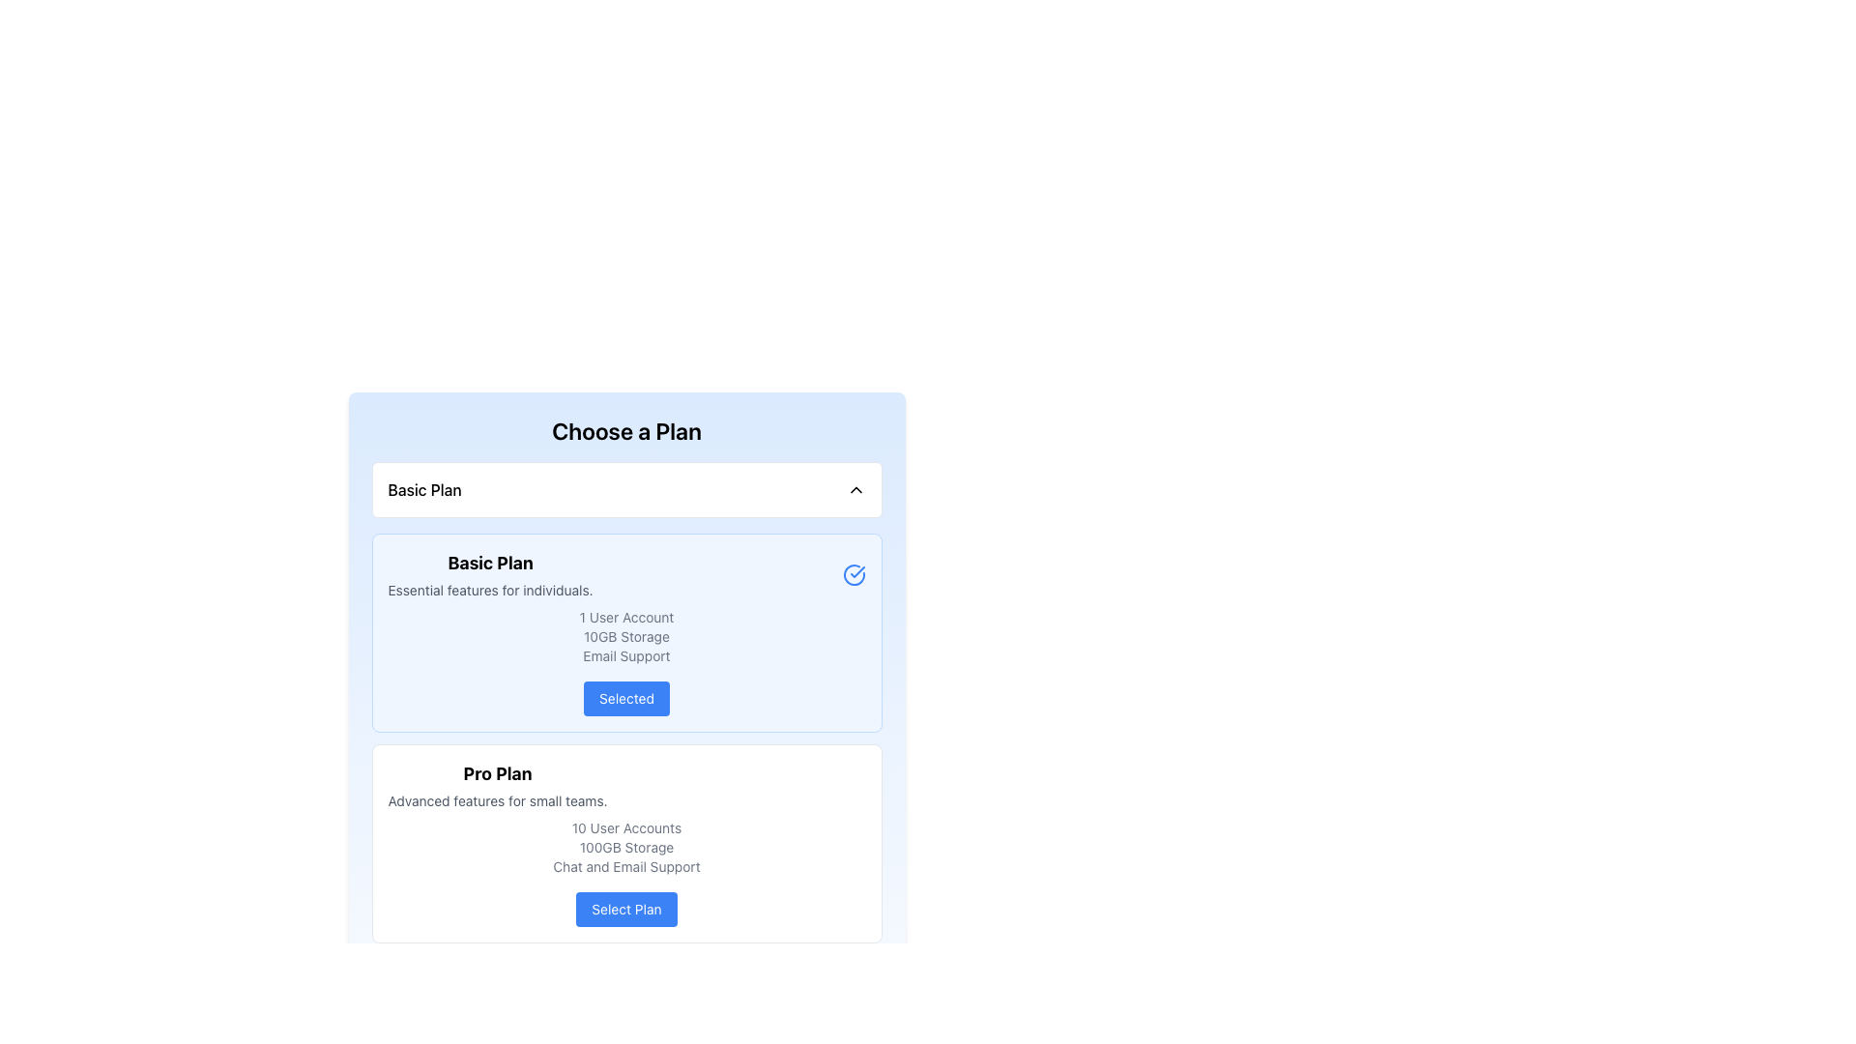 This screenshot has height=1044, width=1856. What do you see at coordinates (855, 488) in the screenshot?
I see `the chevron arrow icon located at the top-right corner of the 'Basic Plan' card to indicate the possibility of collapsing or expanding the details` at bounding box center [855, 488].